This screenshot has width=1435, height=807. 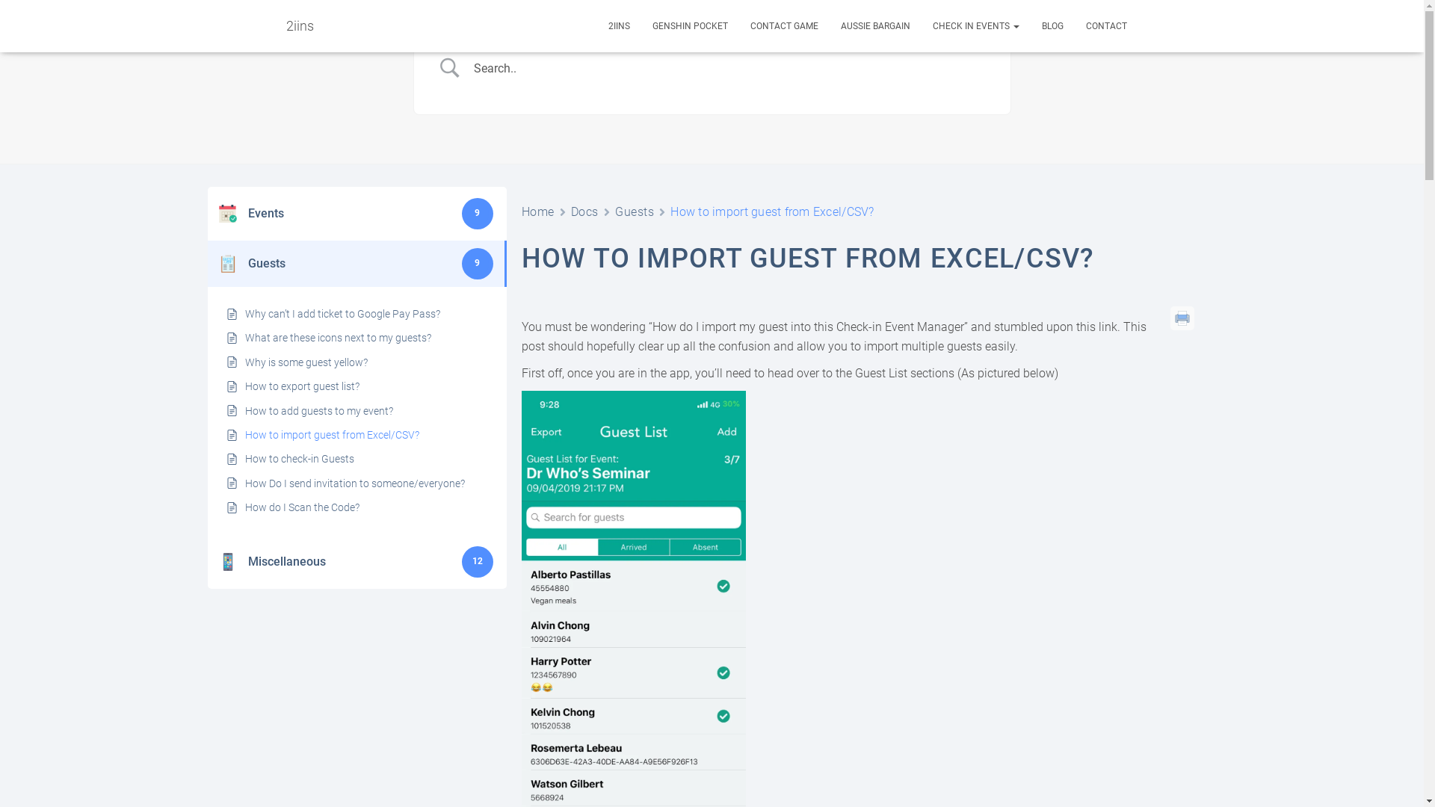 I want to click on 'How to add guests to my event?', so click(x=318, y=411).